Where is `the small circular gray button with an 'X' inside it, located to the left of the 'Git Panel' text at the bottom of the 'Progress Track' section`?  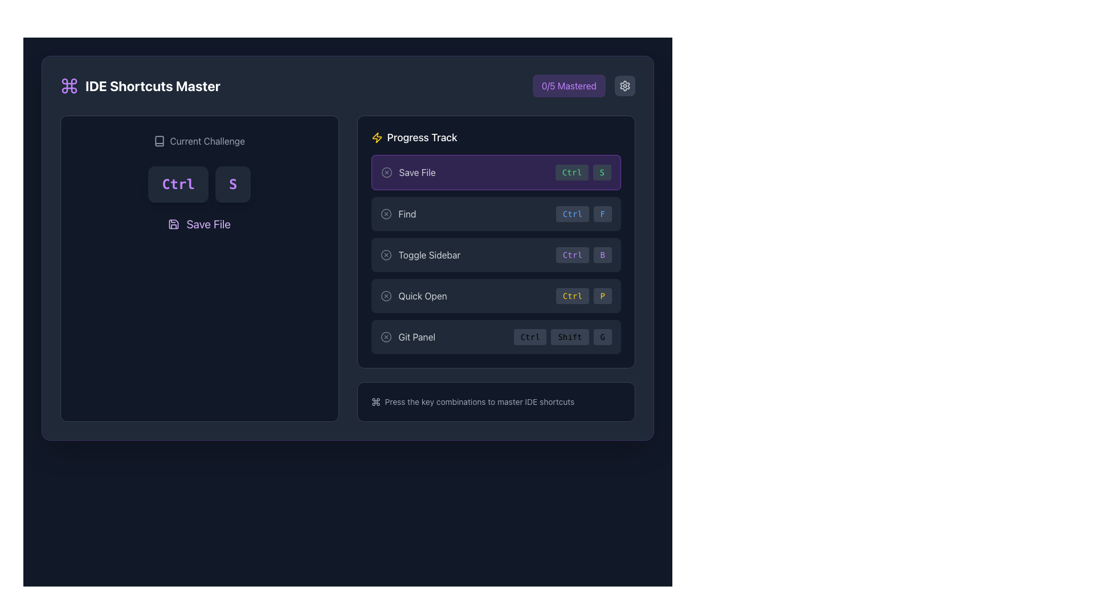
the small circular gray button with an 'X' inside it, located to the left of the 'Git Panel' text at the bottom of the 'Progress Track' section is located at coordinates (386, 336).